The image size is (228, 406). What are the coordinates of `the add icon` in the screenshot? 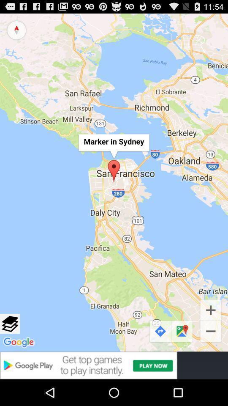 It's located at (210, 331).